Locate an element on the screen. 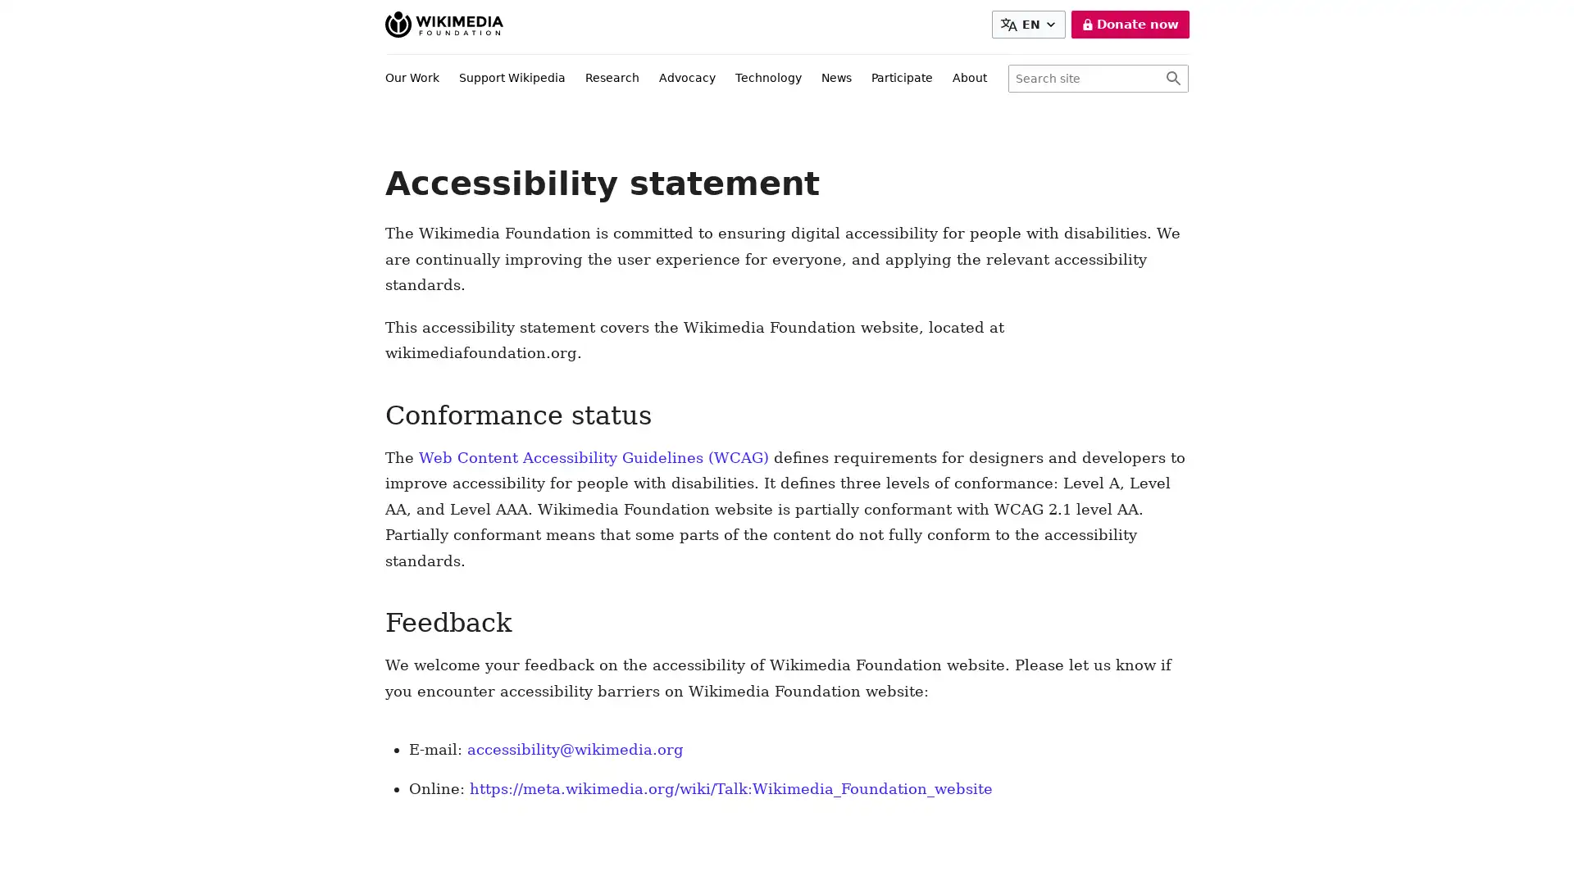 The width and height of the screenshot is (1574, 885). Search is located at coordinates (1172, 79).